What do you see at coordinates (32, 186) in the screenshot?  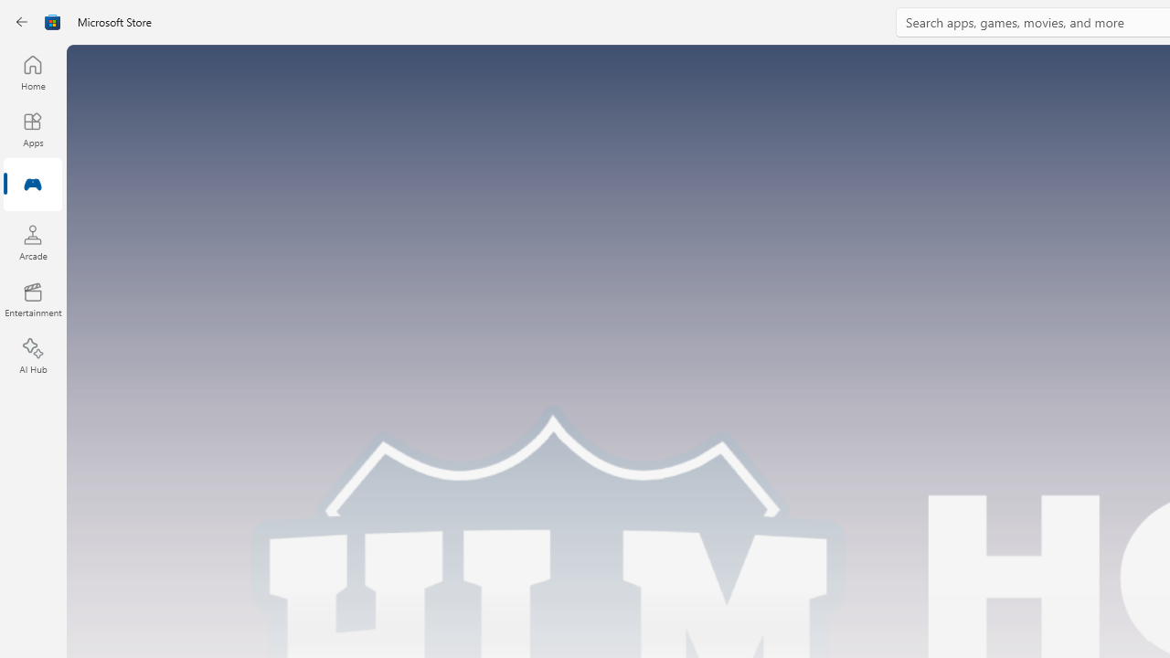 I see `'Gaming'` at bounding box center [32, 186].